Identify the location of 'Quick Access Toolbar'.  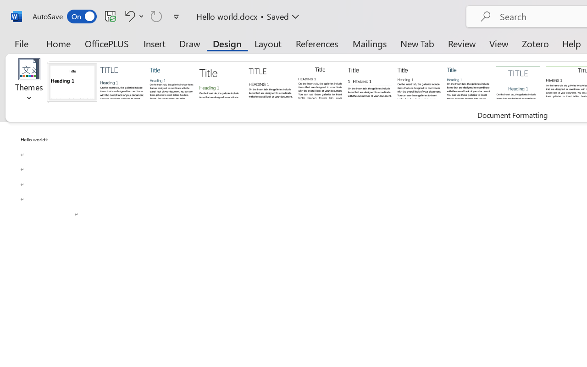
(107, 16).